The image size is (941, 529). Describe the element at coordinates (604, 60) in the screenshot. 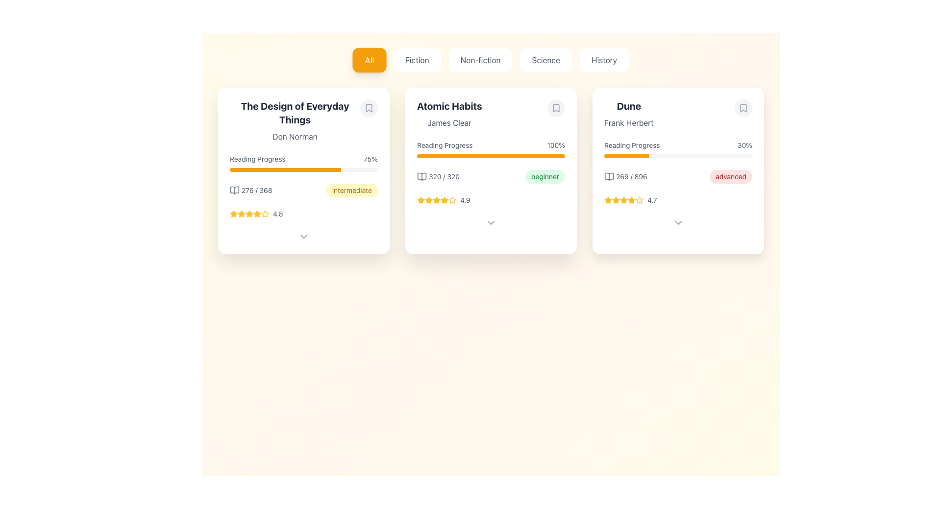

I see `the 'History' button, which is a rectangular button with rounded corners, displaying a white background and gray text` at that location.